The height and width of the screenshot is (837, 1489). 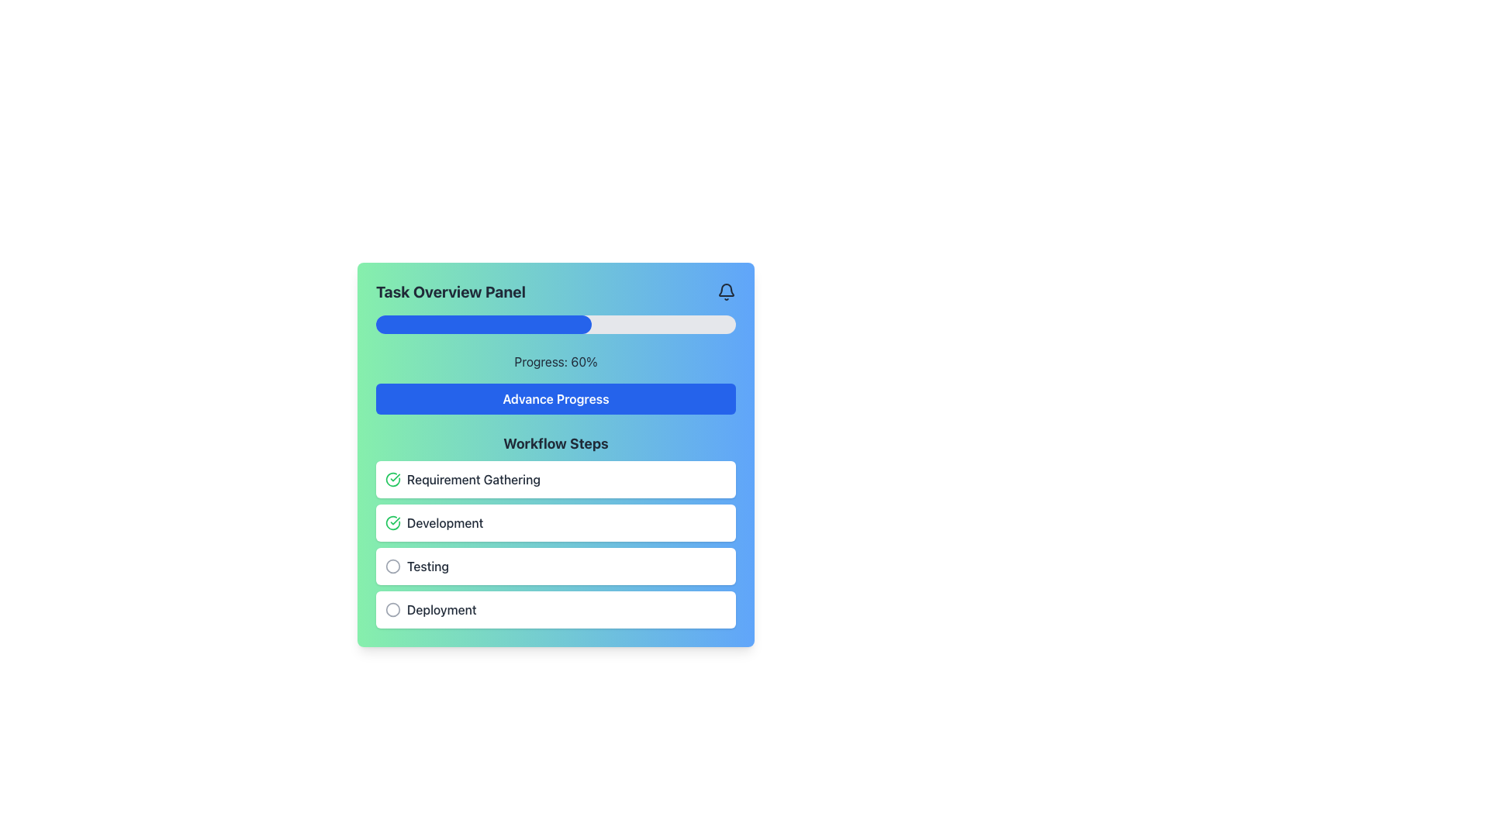 What do you see at coordinates (393, 608) in the screenshot?
I see `the small, circular gray icon with a minimalist outlined design located in the fourth row under the 'Workflow Steps' section, to the left of the text 'Deployment'` at bounding box center [393, 608].